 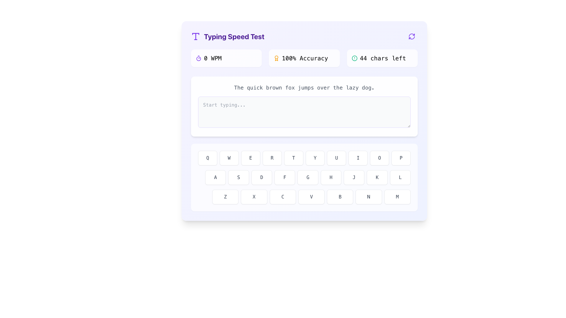 I want to click on the 'A' button located in the top-left position of the keyboard layout to input the character 'A', so click(x=215, y=177).